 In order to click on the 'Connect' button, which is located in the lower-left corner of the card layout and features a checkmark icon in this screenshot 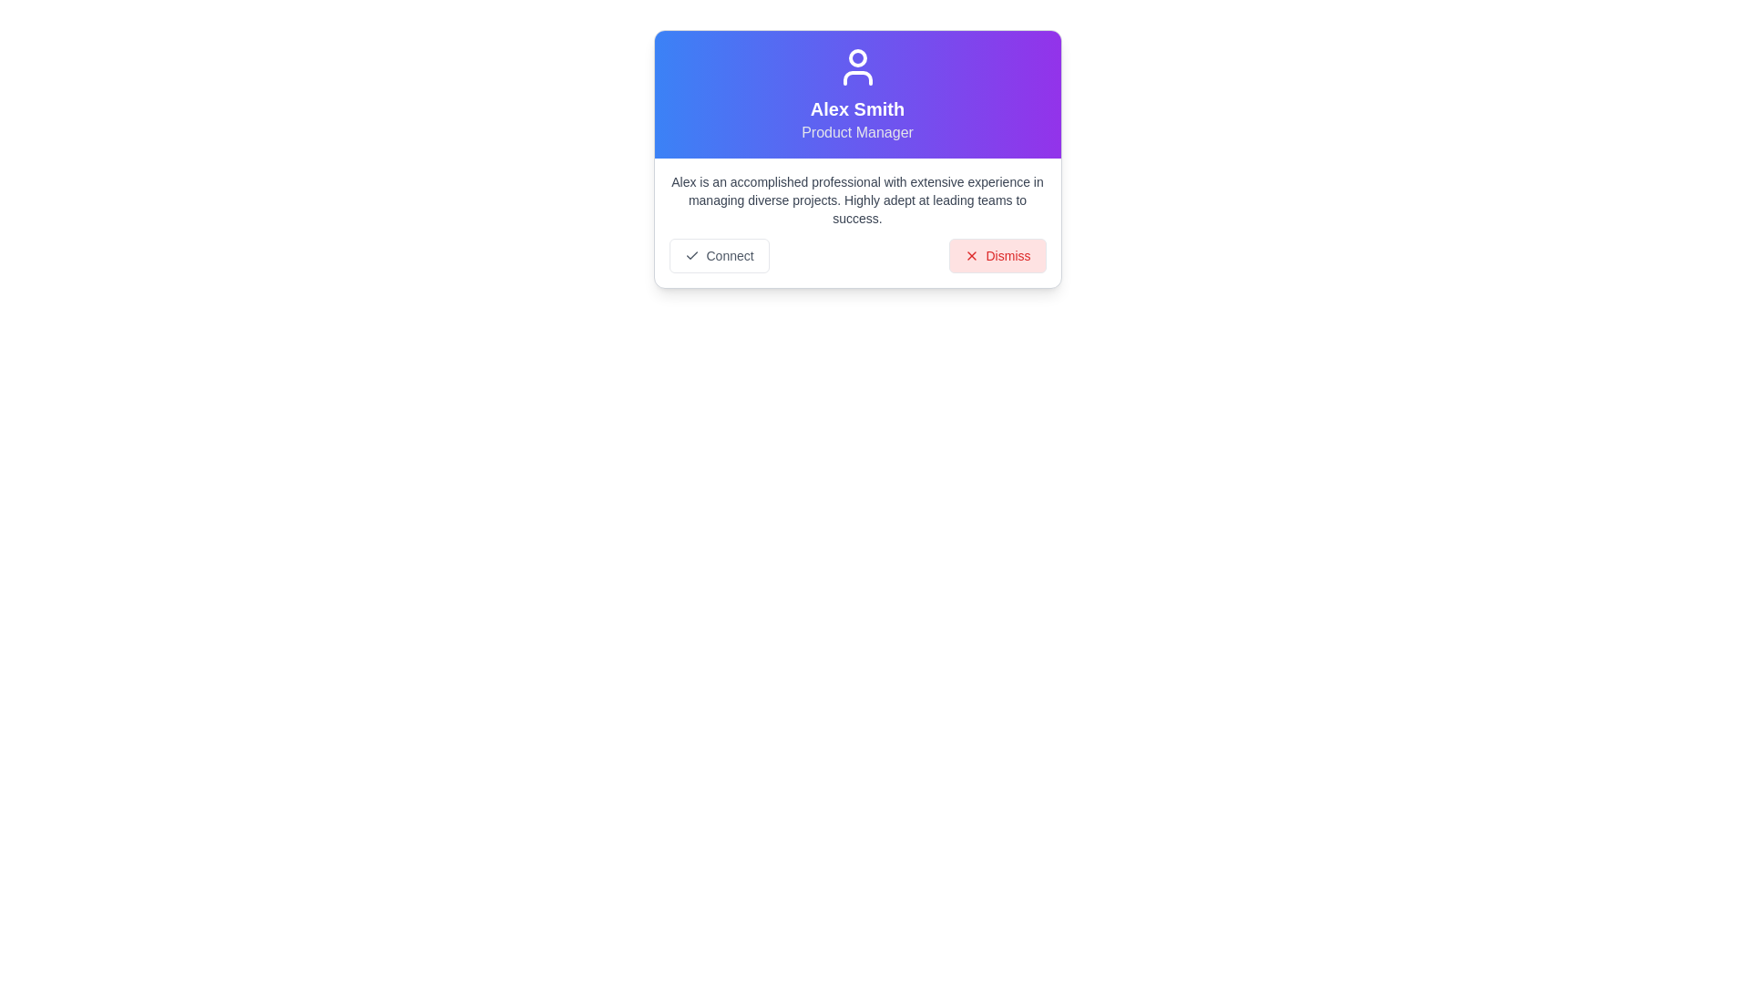, I will do `click(718, 256)`.